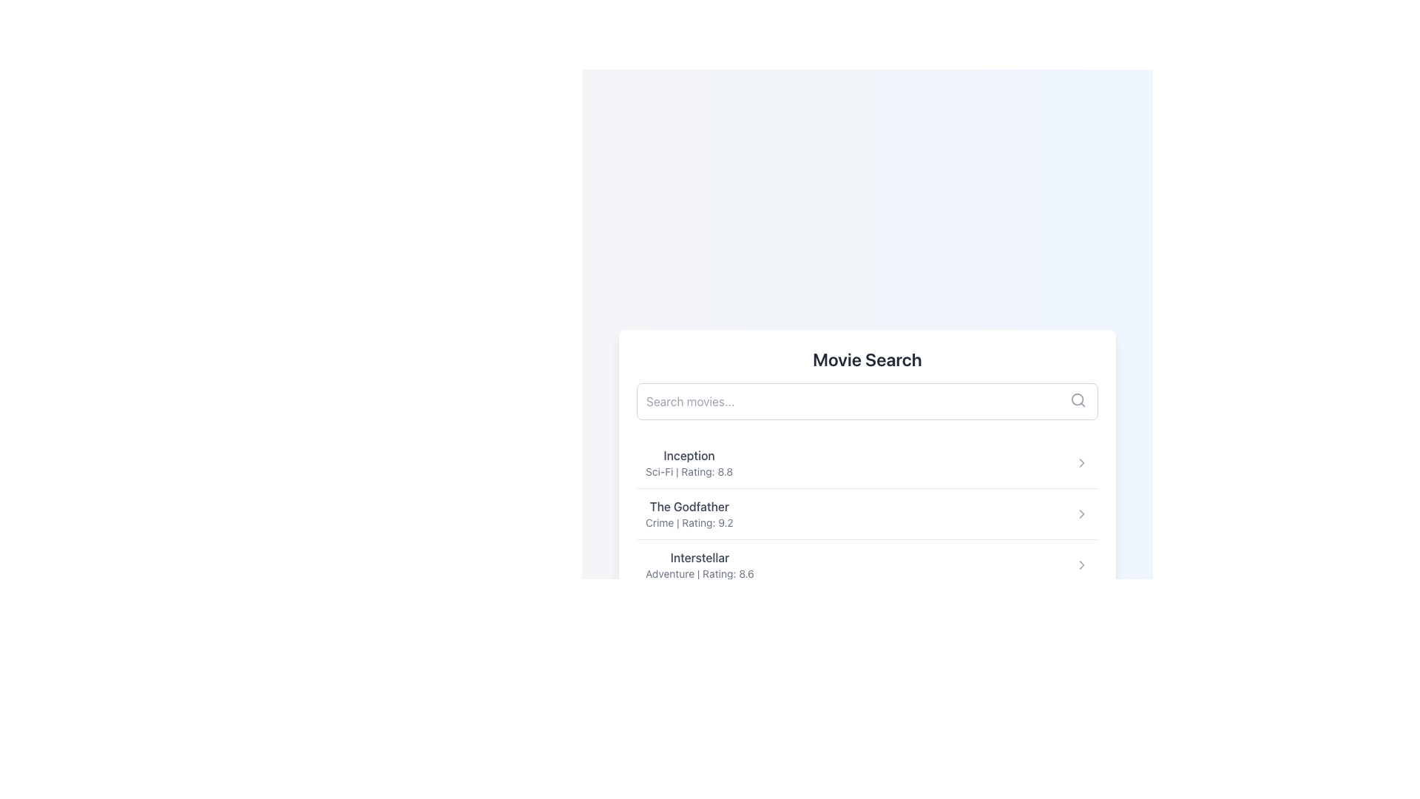  Describe the element at coordinates (1078, 399) in the screenshot. I see `the circular lens component of the magnifying glass icon located at the far right of the search bar` at that location.